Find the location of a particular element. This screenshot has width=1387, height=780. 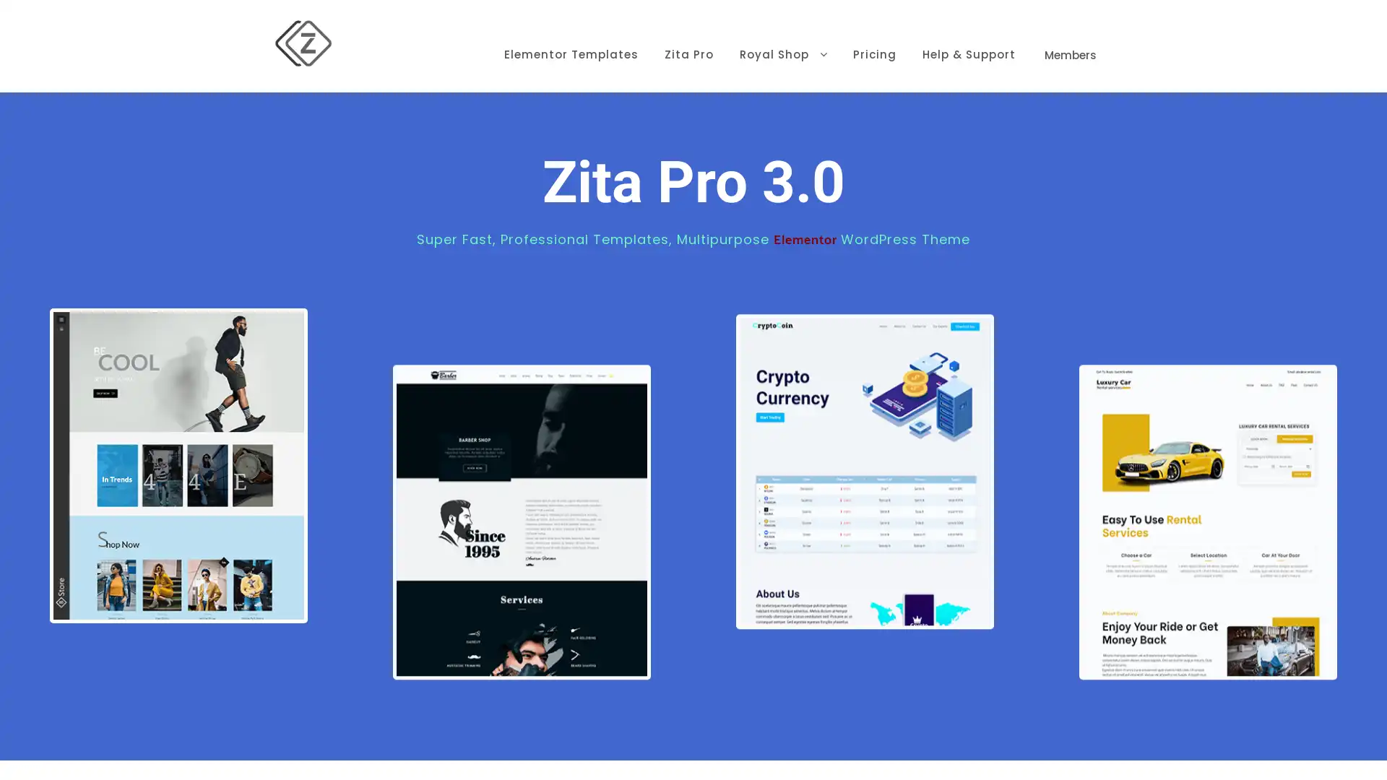

Members is located at coordinates (1071, 32).